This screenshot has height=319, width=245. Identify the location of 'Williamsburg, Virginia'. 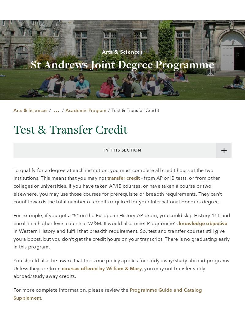
(93, 255).